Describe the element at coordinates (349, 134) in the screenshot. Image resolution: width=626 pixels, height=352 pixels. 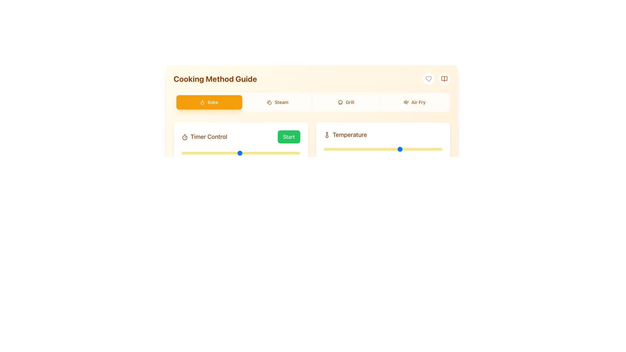
I see `the 'Temperature' text element, which is displayed in bold brown font and located next to a thermometer icon` at that location.